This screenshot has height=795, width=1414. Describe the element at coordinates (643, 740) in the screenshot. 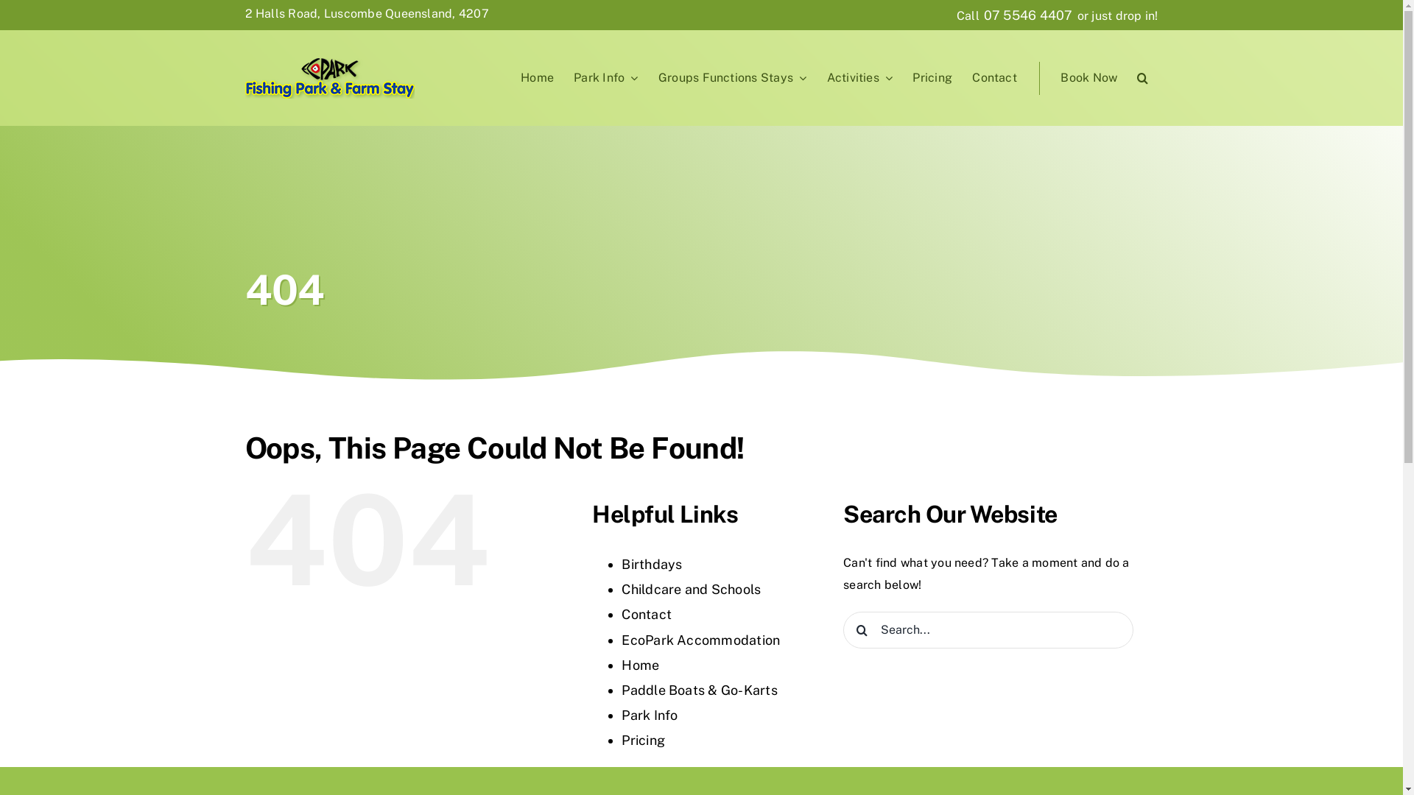

I see `'Pricing'` at that location.